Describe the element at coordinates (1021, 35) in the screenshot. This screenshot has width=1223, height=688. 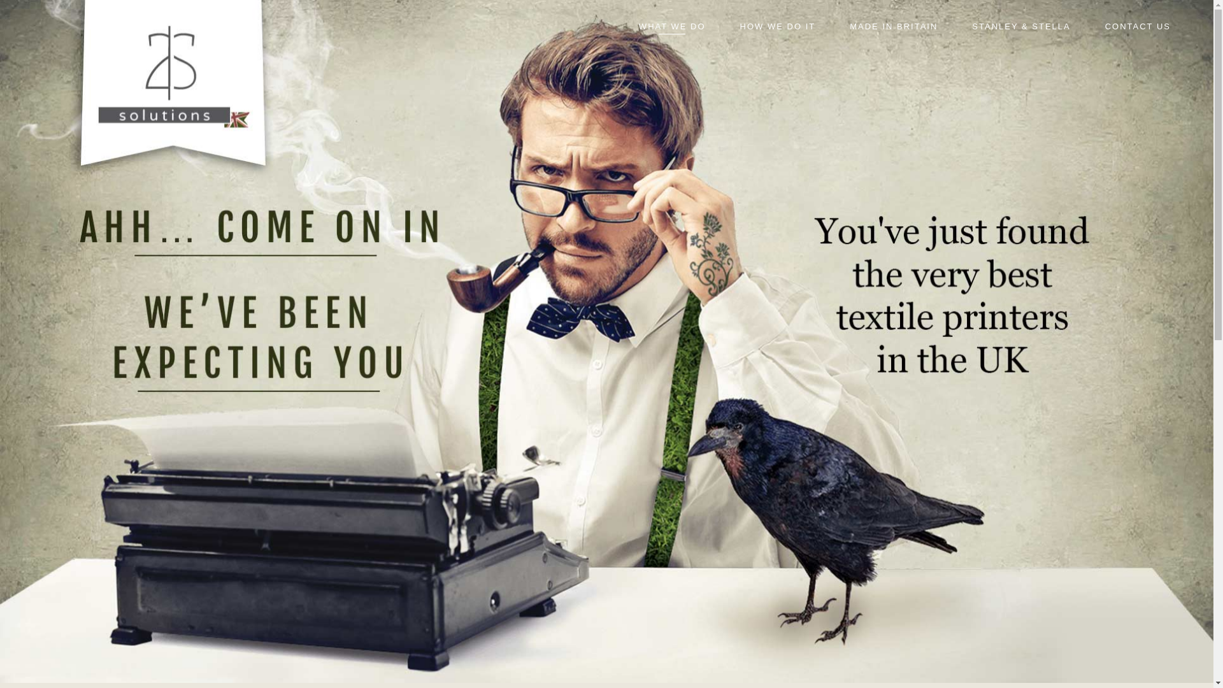
I see `'STANLEY & STELLA'` at that location.